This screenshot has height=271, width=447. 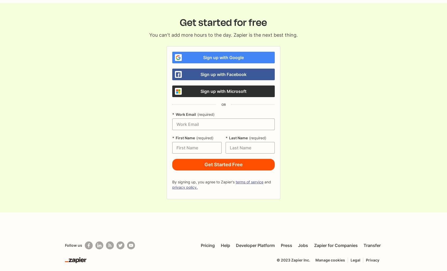 I want to click on '2023', so click(x=286, y=260).